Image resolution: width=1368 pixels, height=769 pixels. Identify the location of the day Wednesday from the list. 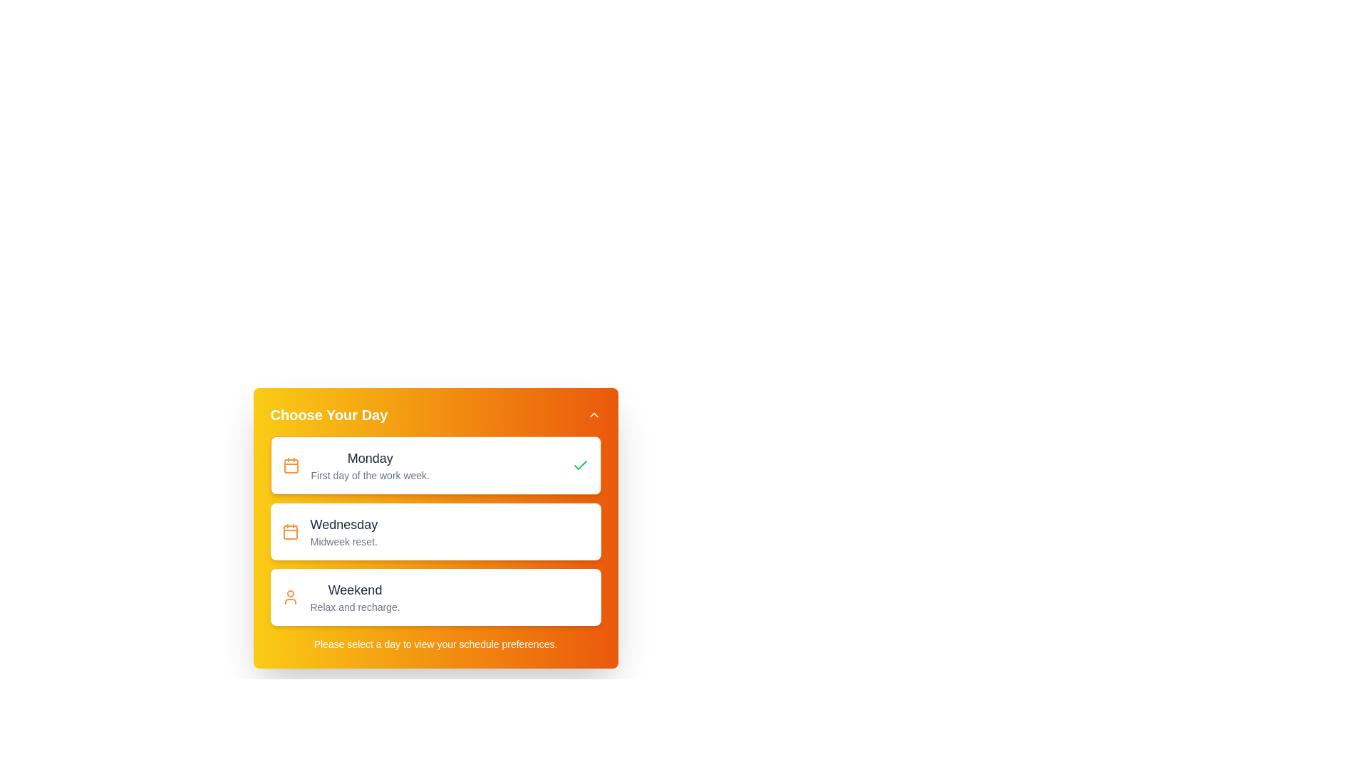
(435, 532).